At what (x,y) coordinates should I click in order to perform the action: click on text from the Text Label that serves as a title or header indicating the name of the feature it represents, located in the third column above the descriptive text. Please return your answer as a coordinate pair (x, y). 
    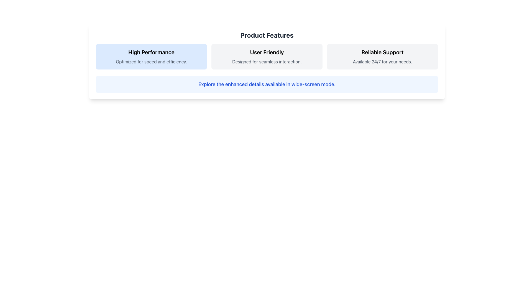
    Looking at the image, I should click on (382, 52).